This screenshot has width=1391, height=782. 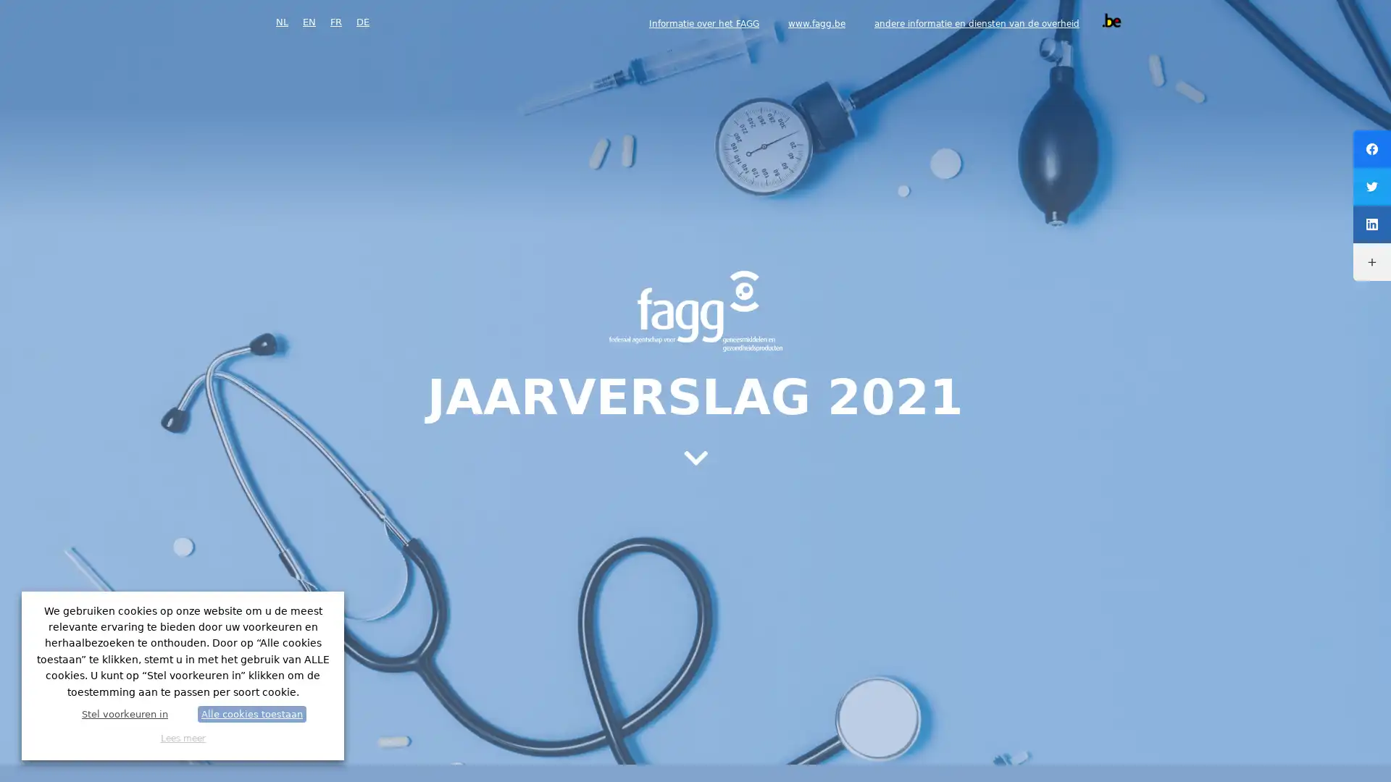 What do you see at coordinates (251, 713) in the screenshot?
I see `Alle cookies toestaan` at bounding box center [251, 713].